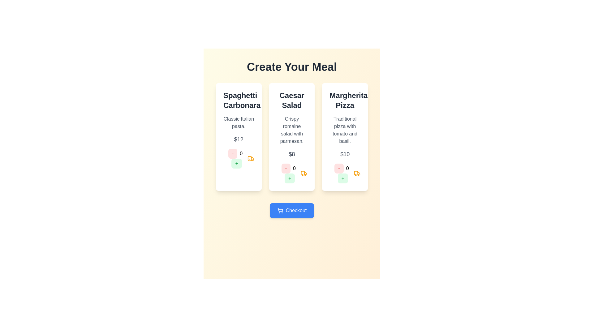 The height and width of the screenshot is (334, 594). I want to click on the checkout button located below the food items 'Spaghetti Carbonara', 'Caesar Salad', and 'Margherita Pizza' to observe its hover effects, so click(291, 210).